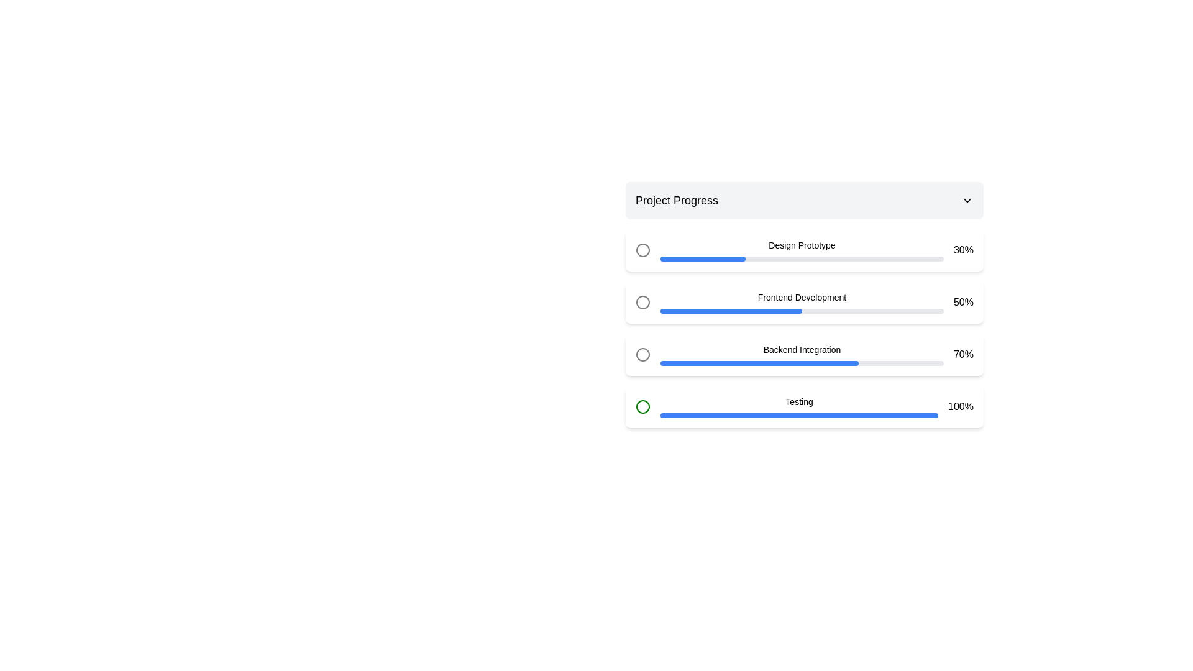  I want to click on the gray background layer of the progress bar indicating 50% progress under the 'Frontend Development' title, so click(802, 311).